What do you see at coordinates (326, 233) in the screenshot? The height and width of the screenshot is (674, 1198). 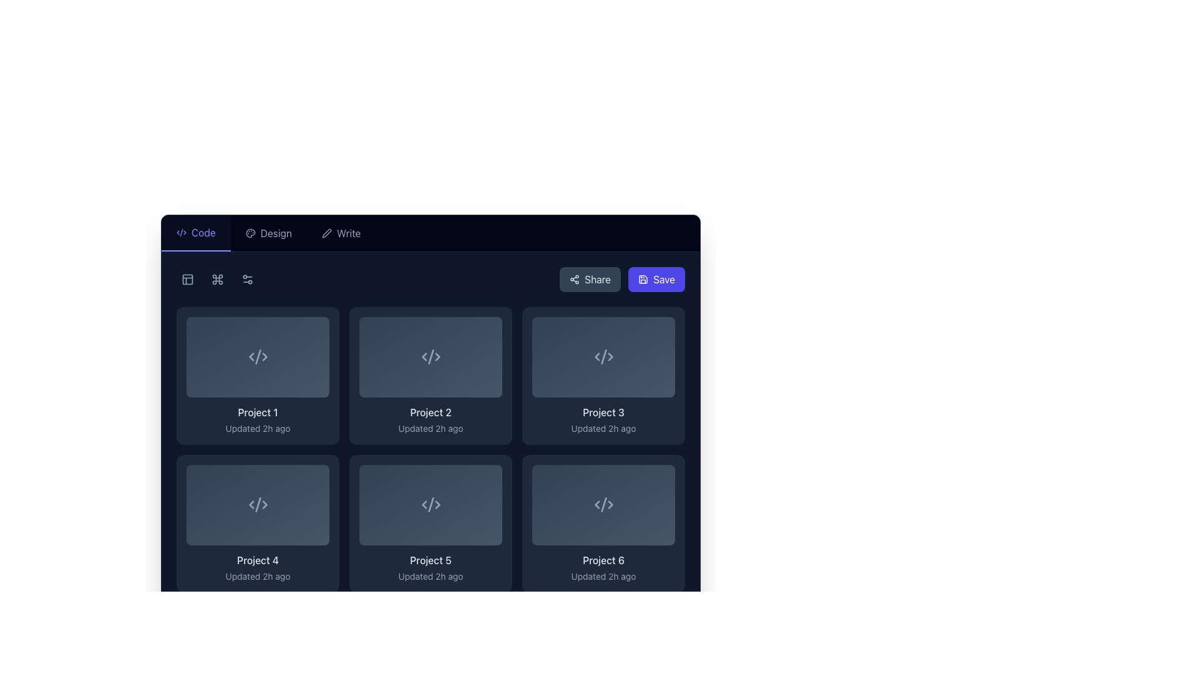 I see `the small pen icon located in the navigation bar to the left of the 'Write' text` at bounding box center [326, 233].